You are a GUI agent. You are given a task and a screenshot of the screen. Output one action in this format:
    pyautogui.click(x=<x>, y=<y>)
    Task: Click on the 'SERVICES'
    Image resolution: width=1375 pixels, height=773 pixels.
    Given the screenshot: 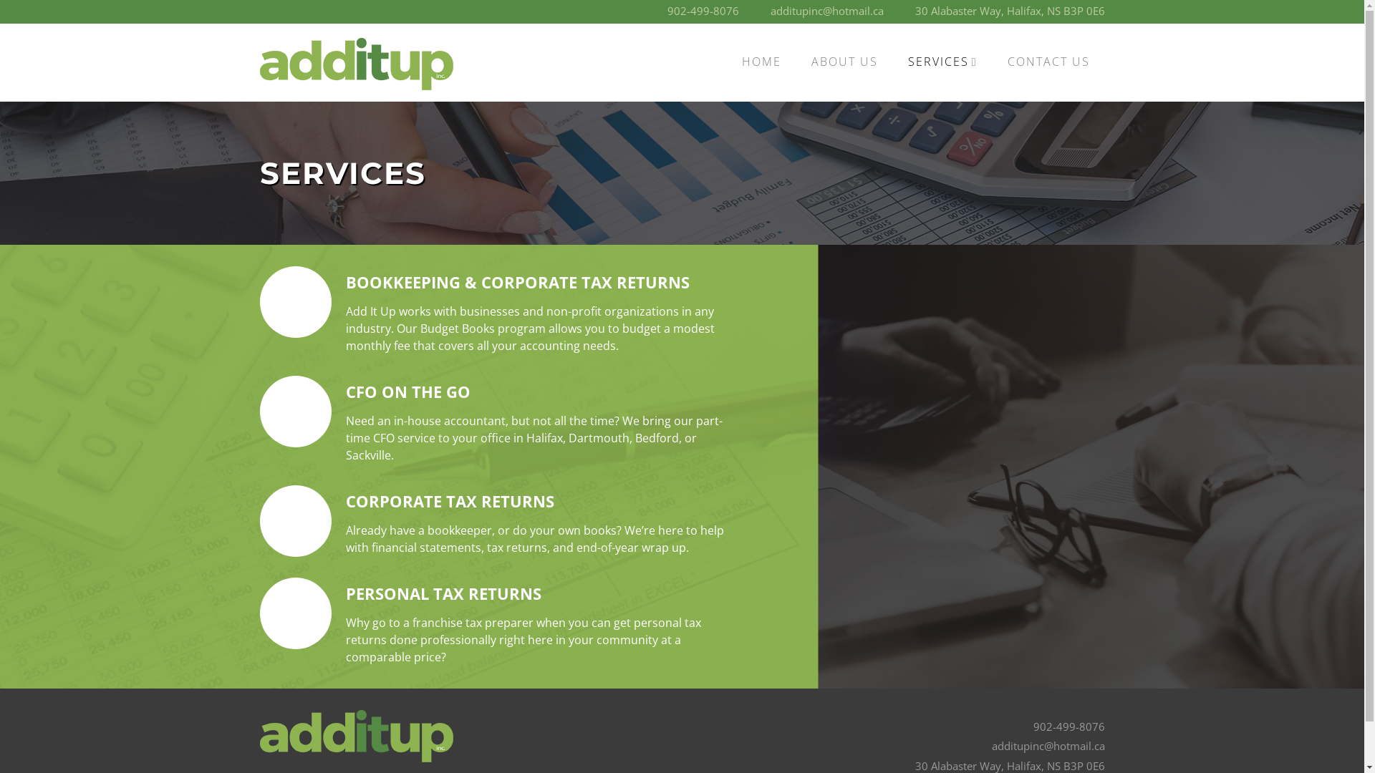 What is the action you would take?
    pyautogui.click(x=942, y=61)
    